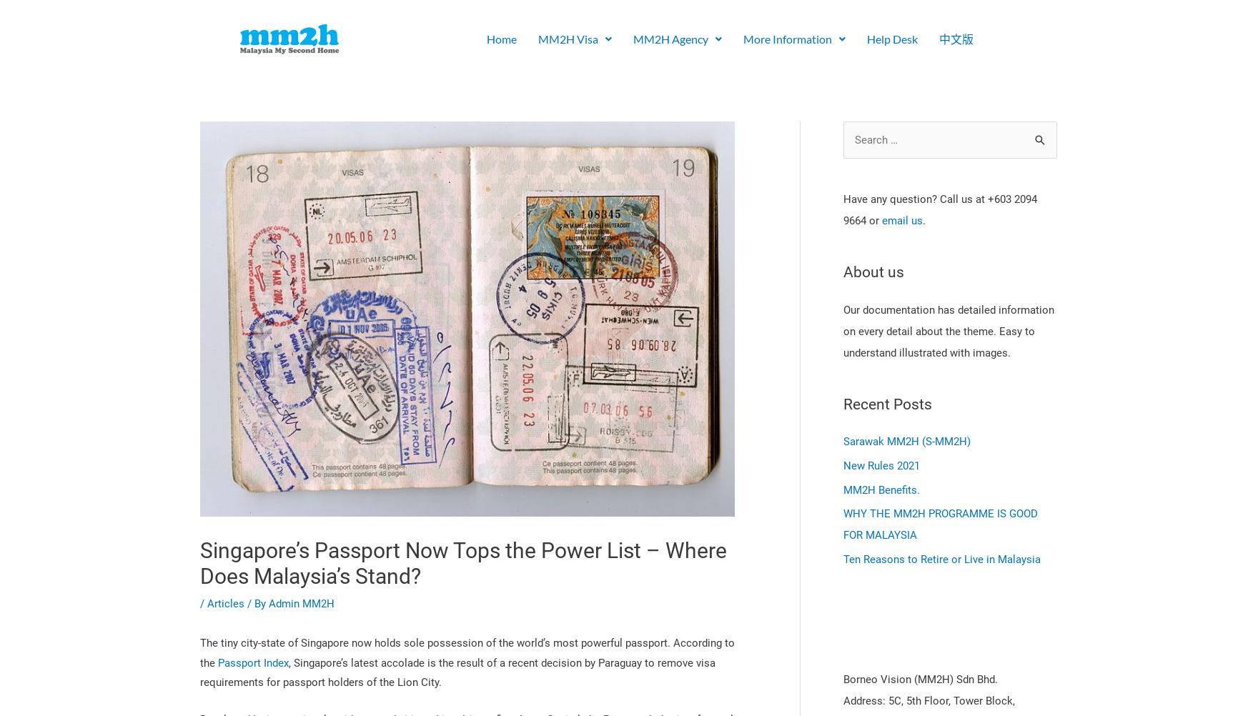 This screenshot has width=1258, height=716. Describe the element at coordinates (501, 39) in the screenshot. I see `'Home'` at that location.